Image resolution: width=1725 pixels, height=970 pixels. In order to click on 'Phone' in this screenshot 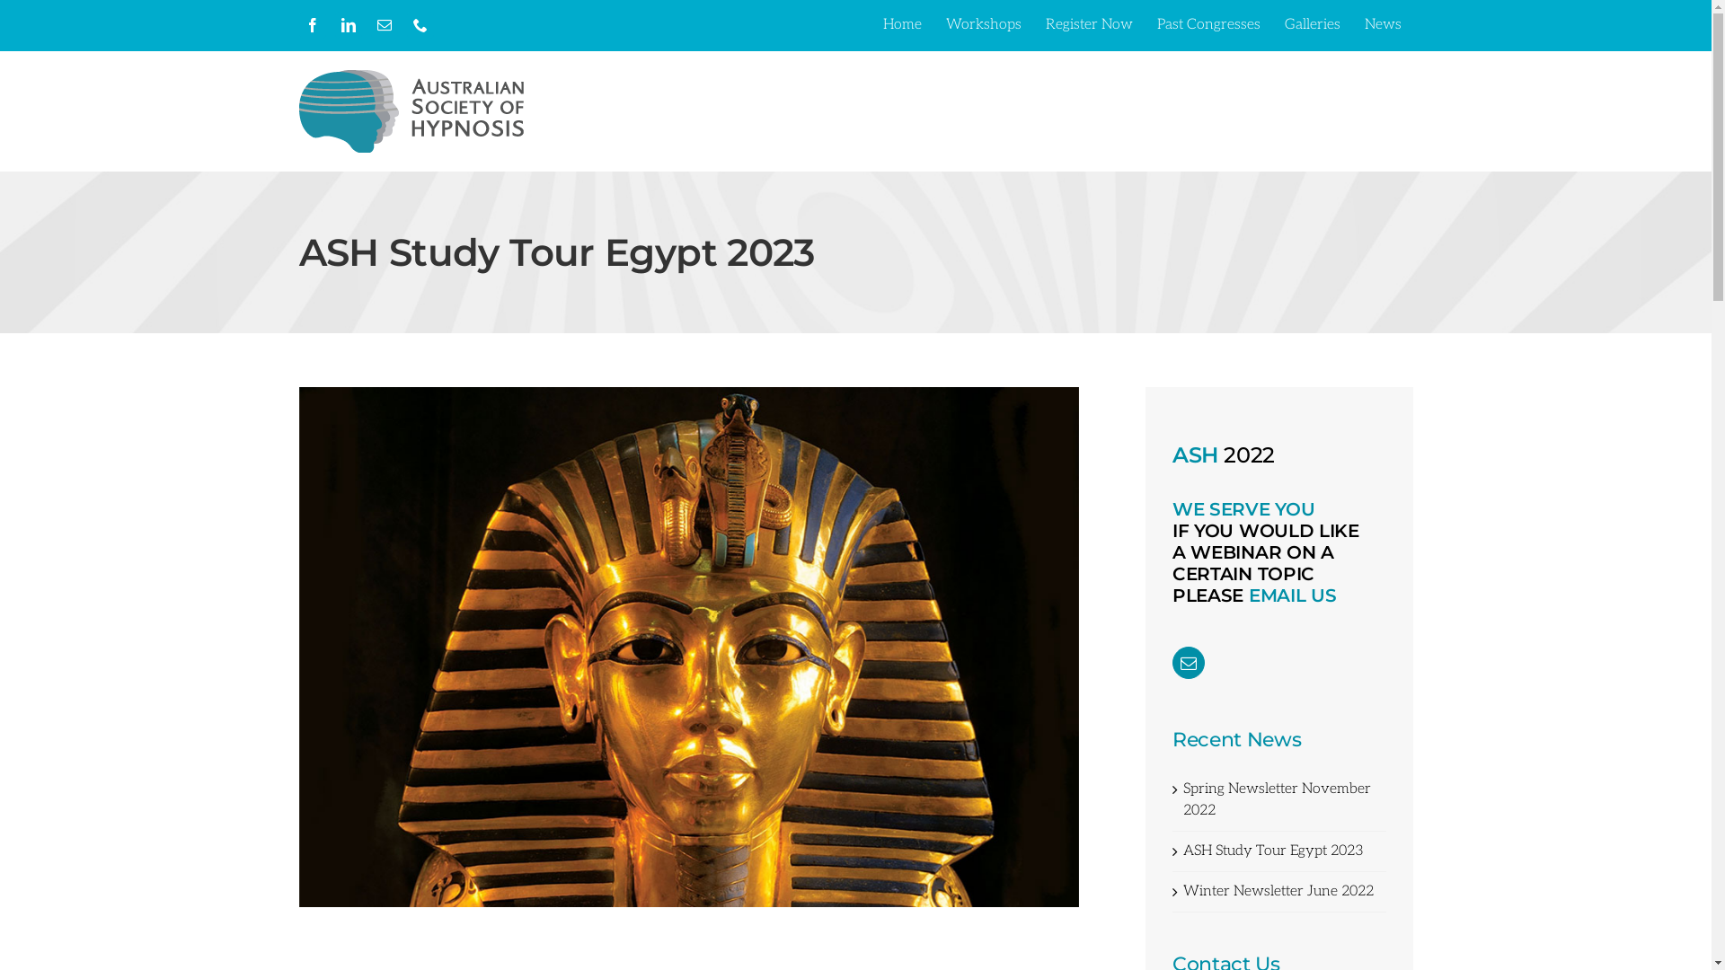, I will do `click(418, 24)`.